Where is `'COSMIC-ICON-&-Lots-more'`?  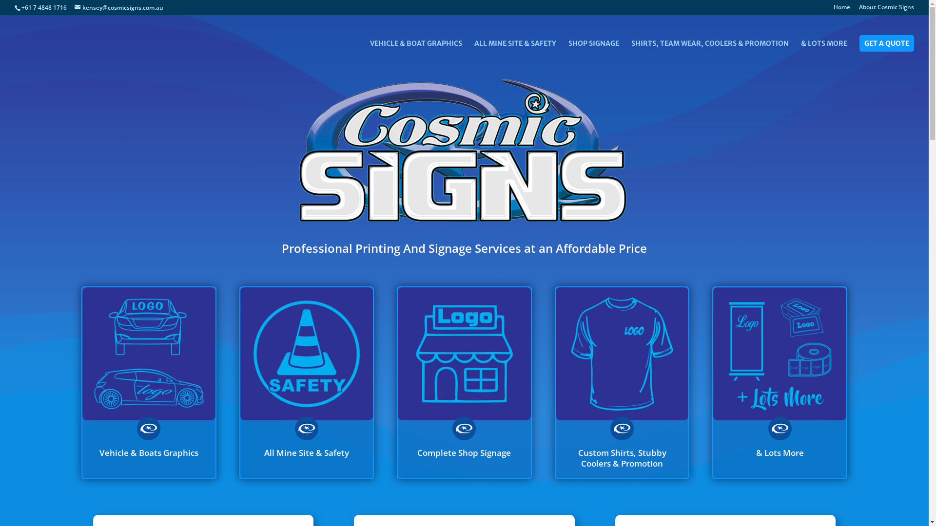 'COSMIC-ICON-&-Lots-more' is located at coordinates (779, 353).